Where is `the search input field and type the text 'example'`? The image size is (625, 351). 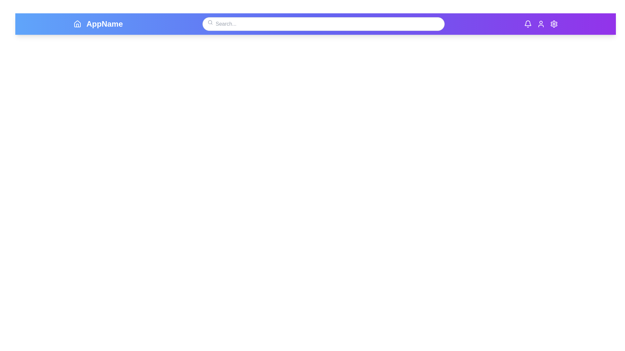
the search input field and type the text 'example' is located at coordinates (323, 23).